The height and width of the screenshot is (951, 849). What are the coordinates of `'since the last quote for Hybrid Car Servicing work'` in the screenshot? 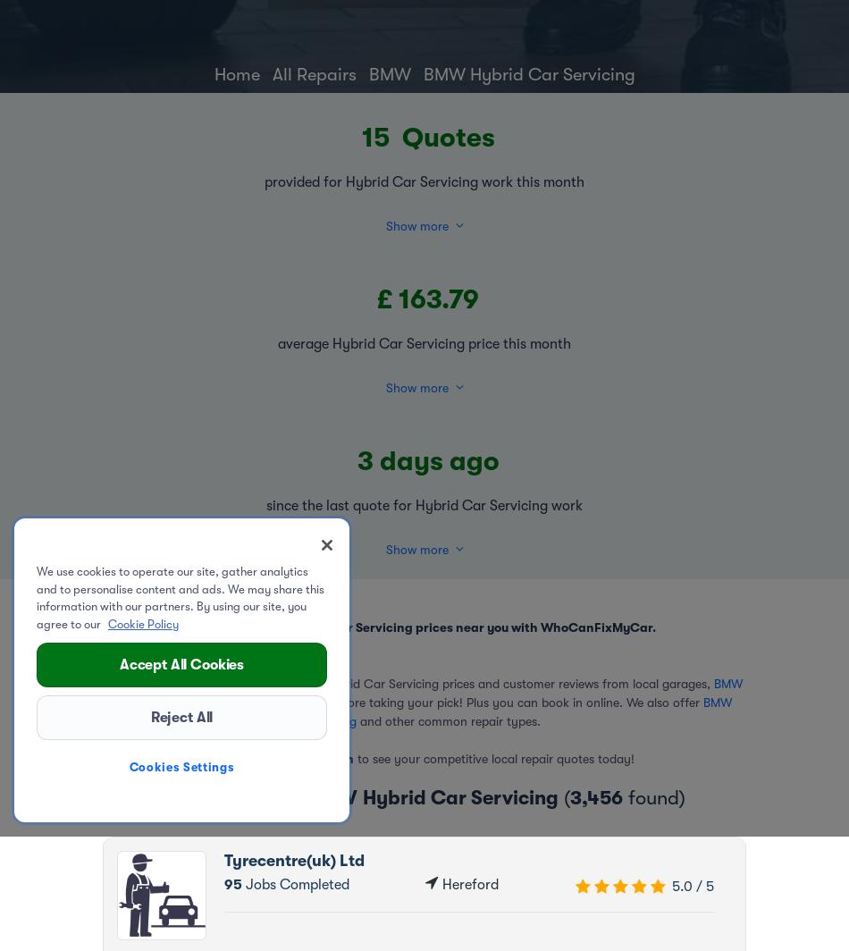 It's located at (265, 504).